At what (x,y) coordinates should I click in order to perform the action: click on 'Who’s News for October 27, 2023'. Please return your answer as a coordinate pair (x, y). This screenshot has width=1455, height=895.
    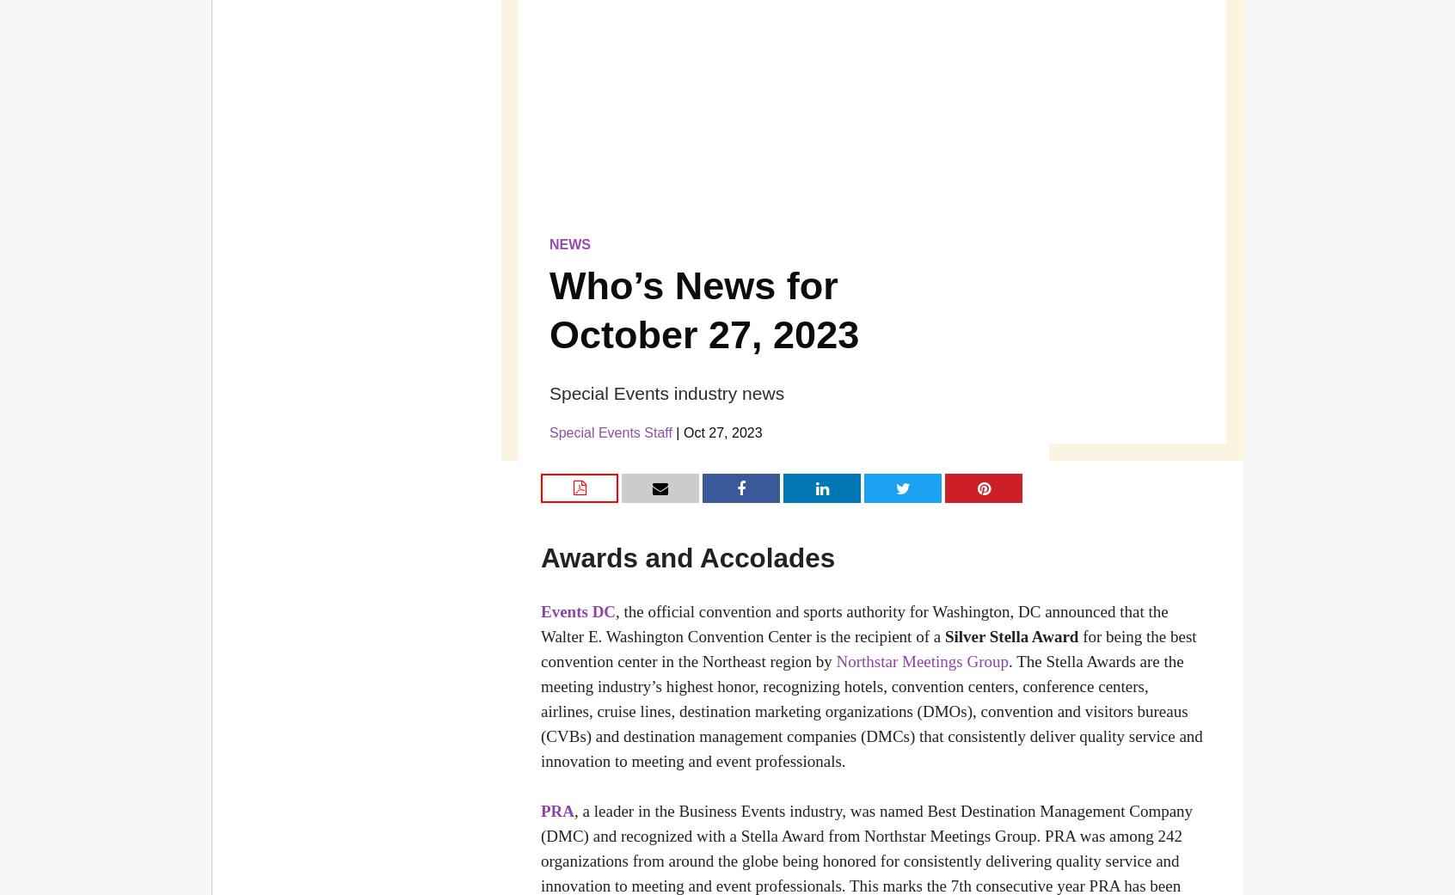
    Looking at the image, I should click on (703, 309).